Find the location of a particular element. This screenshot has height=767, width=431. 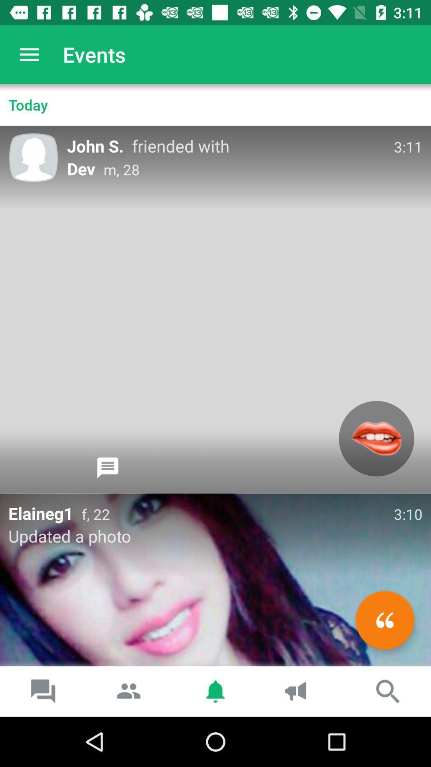

write to a friend is located at coordinates (384, 620).